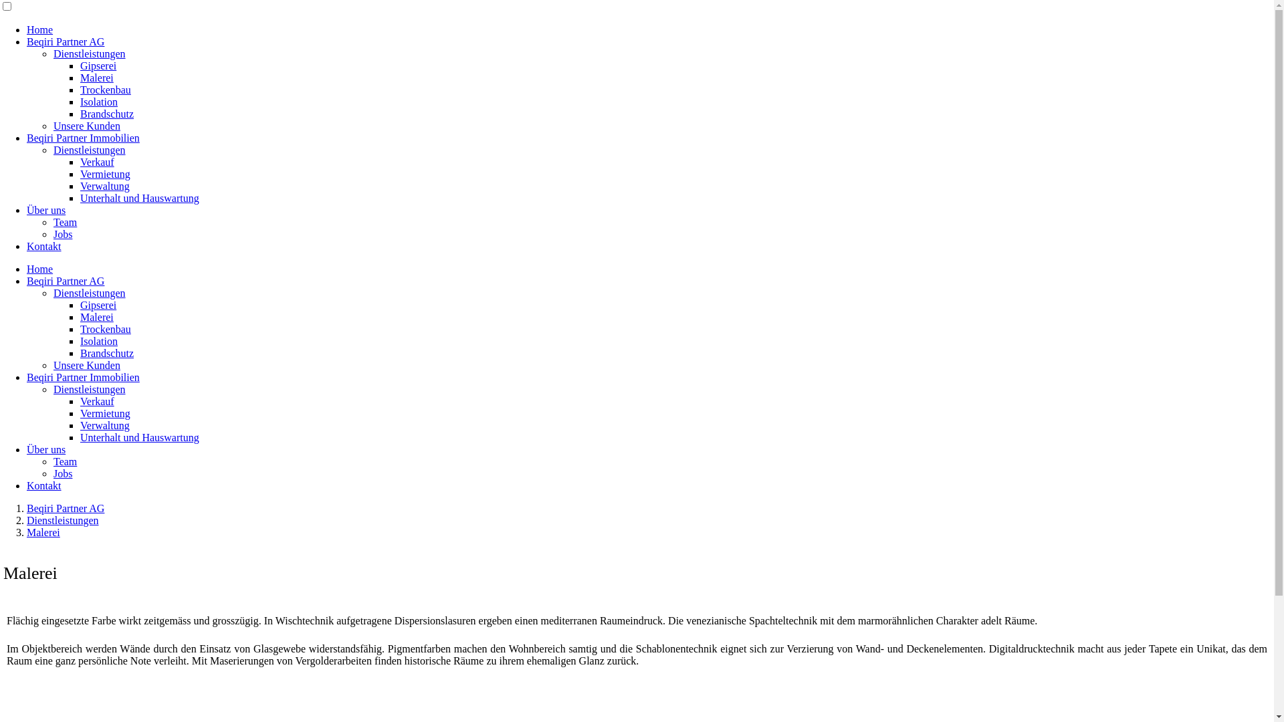 Image resolution: width=1284 pixels, height=722 pixels. What do you see at coordinates (105, 329) in the screenshot?
I see `'Trockenbau'` at bounding box center [105, 329].